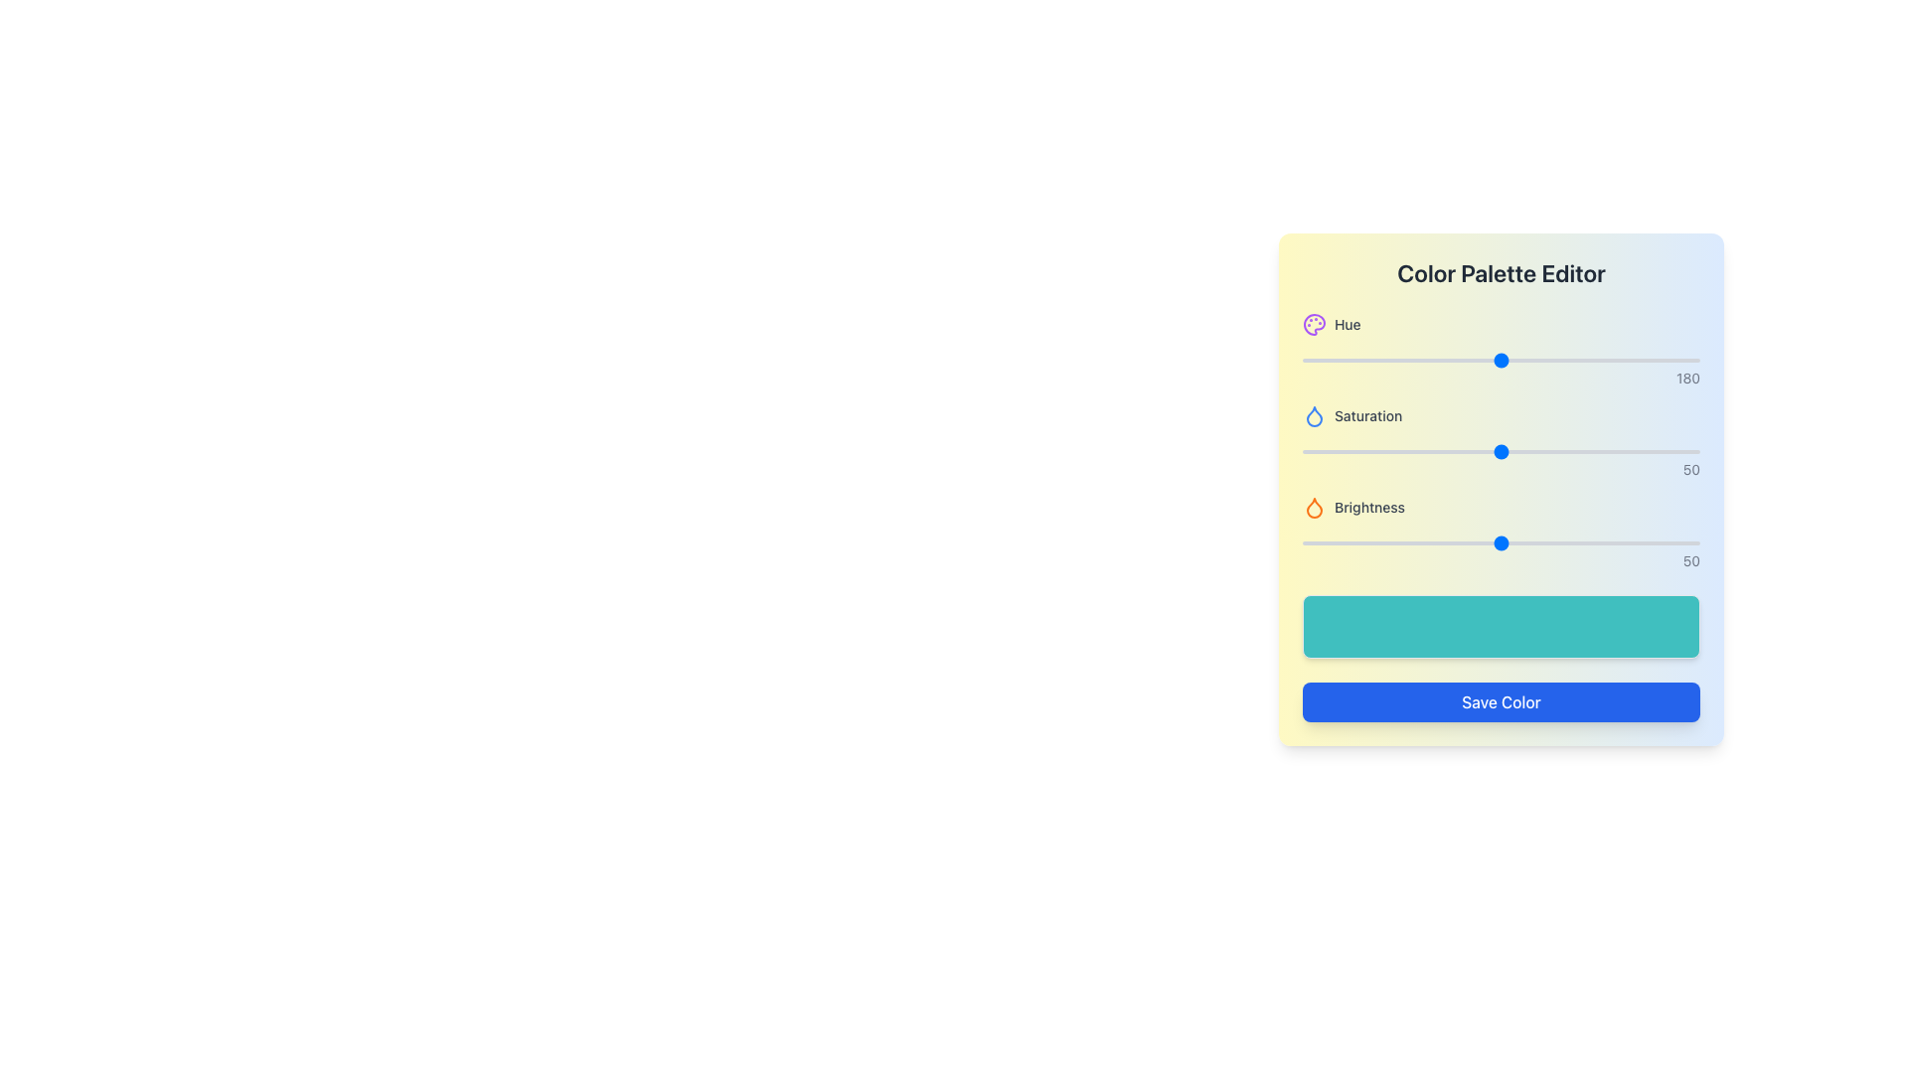 The height and width of the screenshot is (1073, 1908). What do you see at coordinates (1346, 360) in the screenshot?
I see `hue` at bounding box center [1346, 360].